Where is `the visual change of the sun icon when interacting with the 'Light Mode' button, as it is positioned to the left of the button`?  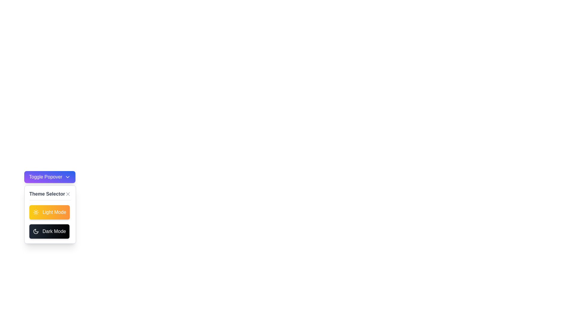
the visual change of the sun icon when interacting with the 'Light Mode' button, as it is positioned to the left of the button is located at coordinates (36, 212).